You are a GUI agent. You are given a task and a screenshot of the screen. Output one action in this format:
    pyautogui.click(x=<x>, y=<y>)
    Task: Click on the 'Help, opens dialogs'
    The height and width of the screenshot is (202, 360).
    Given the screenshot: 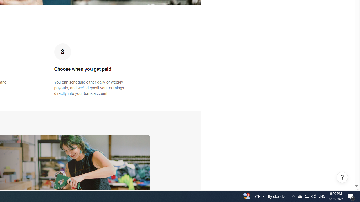 What is the action you would take?
    pyautogui.click(x=342, y=177)
    